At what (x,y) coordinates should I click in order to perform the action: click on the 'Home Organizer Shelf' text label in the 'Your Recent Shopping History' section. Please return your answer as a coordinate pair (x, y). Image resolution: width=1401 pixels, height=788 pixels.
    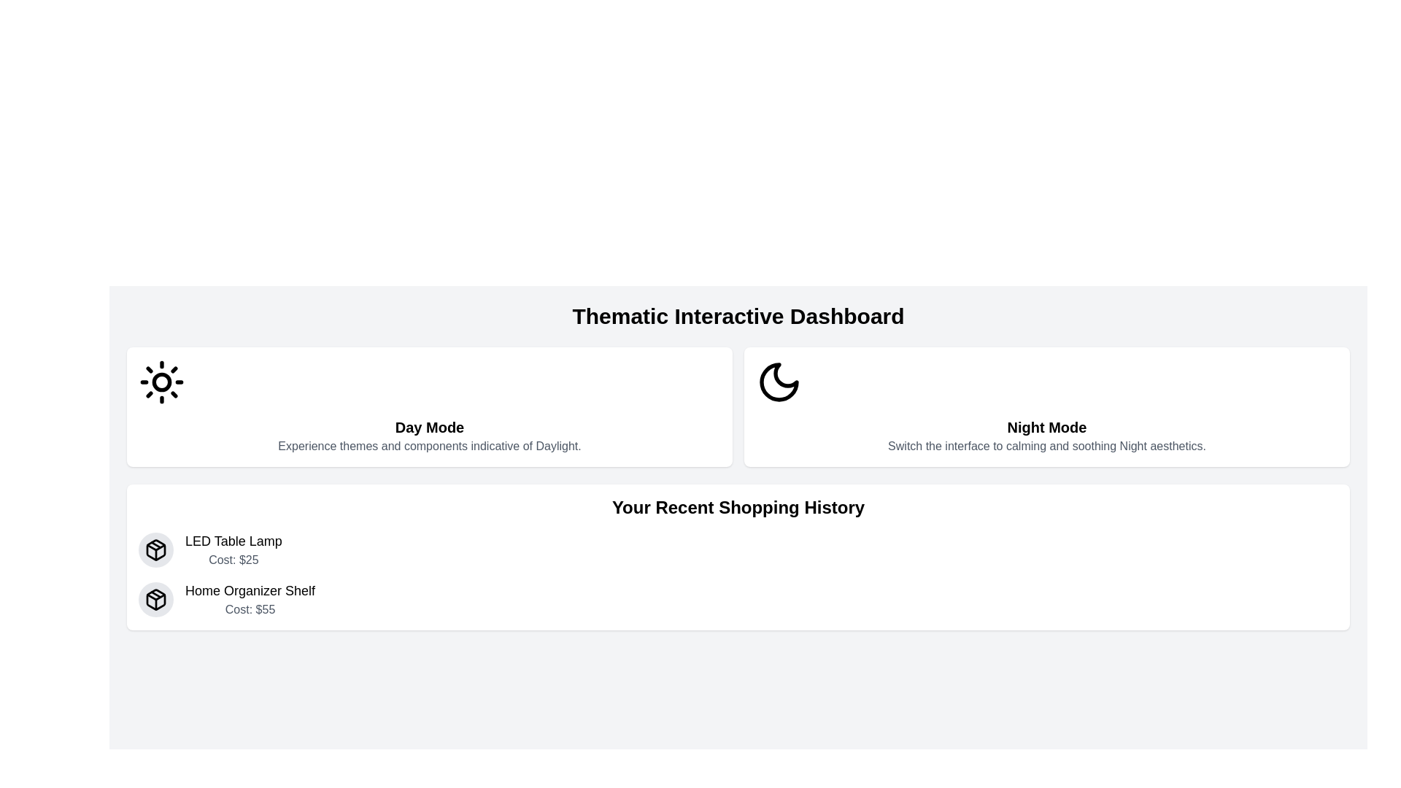
    Looking at the image, I should click on (250, 591).